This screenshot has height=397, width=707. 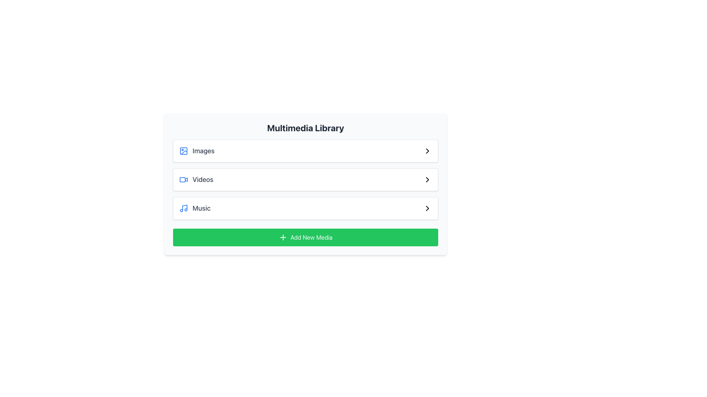 What do you see at coordinates (203, 180) in the screenshot?
I see `the 'Videos' category label, which is the second item in the vertical list of categories and serves as a title indicator` at bounding box center [203, 180].